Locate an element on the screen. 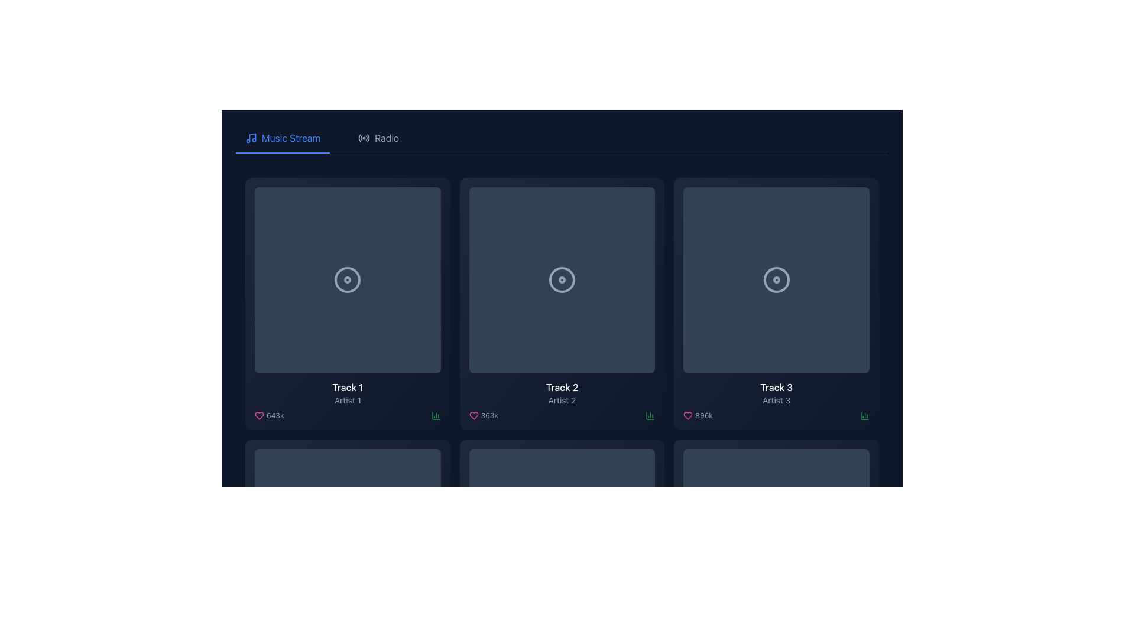 The image size is (1135, 638). the pink heart icon and text indicator showing '896k' located below the third card in the 'Track 3' section to highlight it is located at coordinates (698, 415).